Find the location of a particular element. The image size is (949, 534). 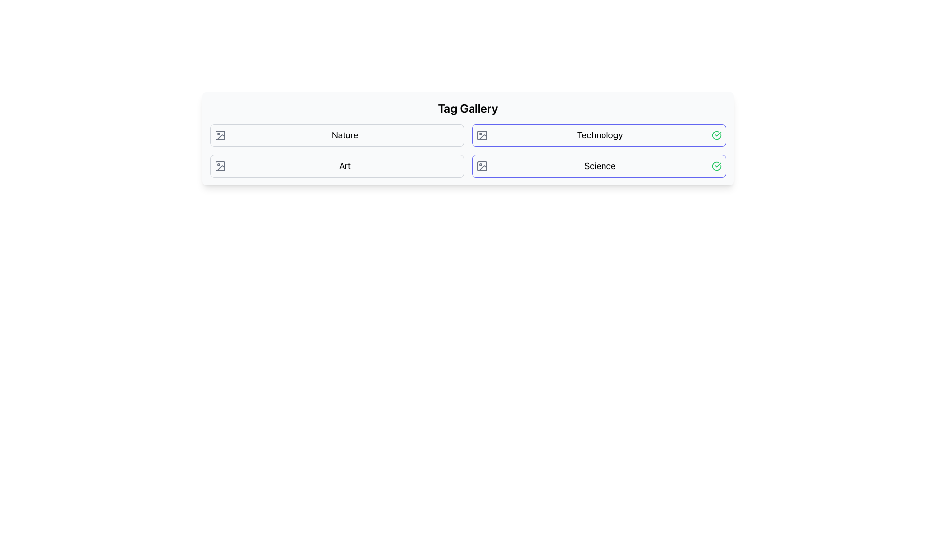

the second icon in the grid structure representing the 'Technology' section, which is encapsulated within a button labeled 'Technology' is located at coordinates (482, 135).